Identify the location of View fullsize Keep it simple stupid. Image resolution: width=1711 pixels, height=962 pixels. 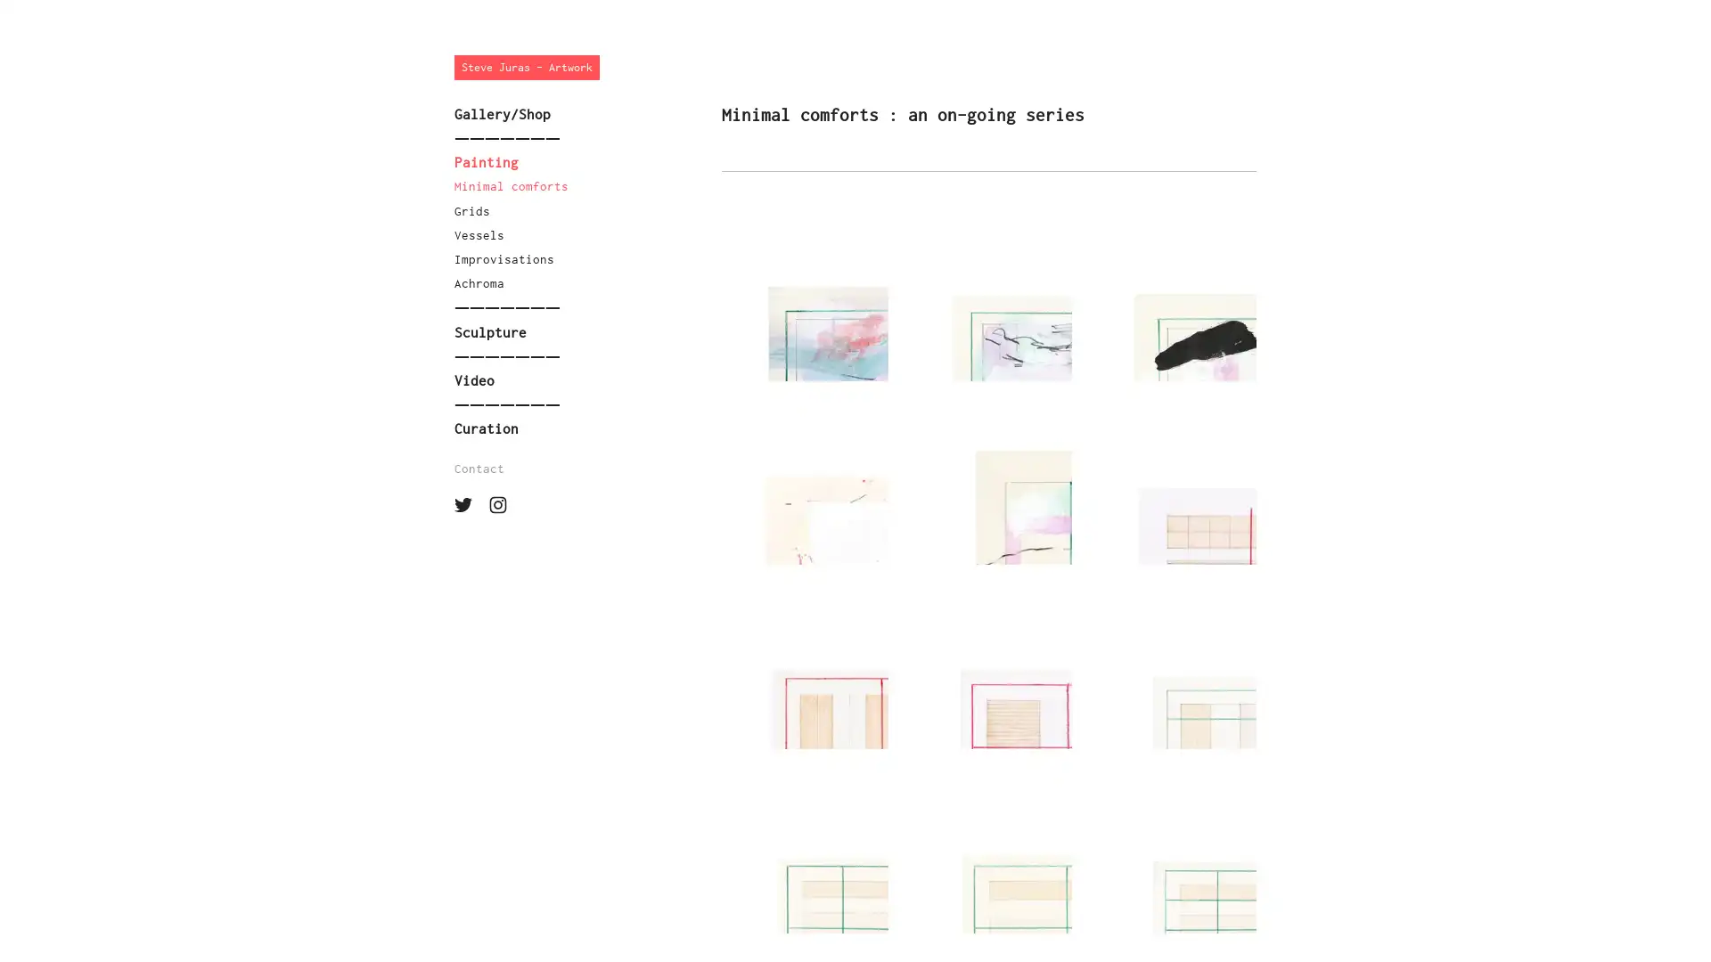
(987, 864).